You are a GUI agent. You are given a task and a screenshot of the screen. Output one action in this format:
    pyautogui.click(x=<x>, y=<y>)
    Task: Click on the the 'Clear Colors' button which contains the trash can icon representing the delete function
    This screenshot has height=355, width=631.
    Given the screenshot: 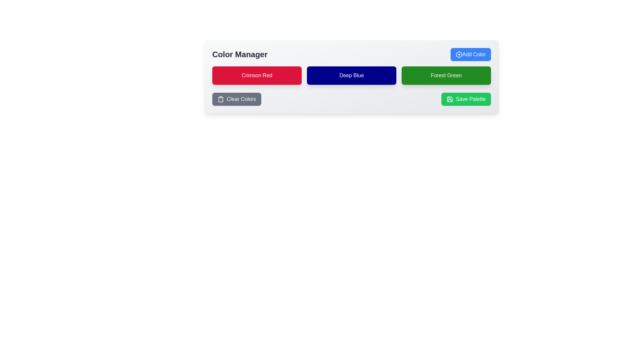 What is the action you would take?
    pyautogui.click(x=221, y=100)
    